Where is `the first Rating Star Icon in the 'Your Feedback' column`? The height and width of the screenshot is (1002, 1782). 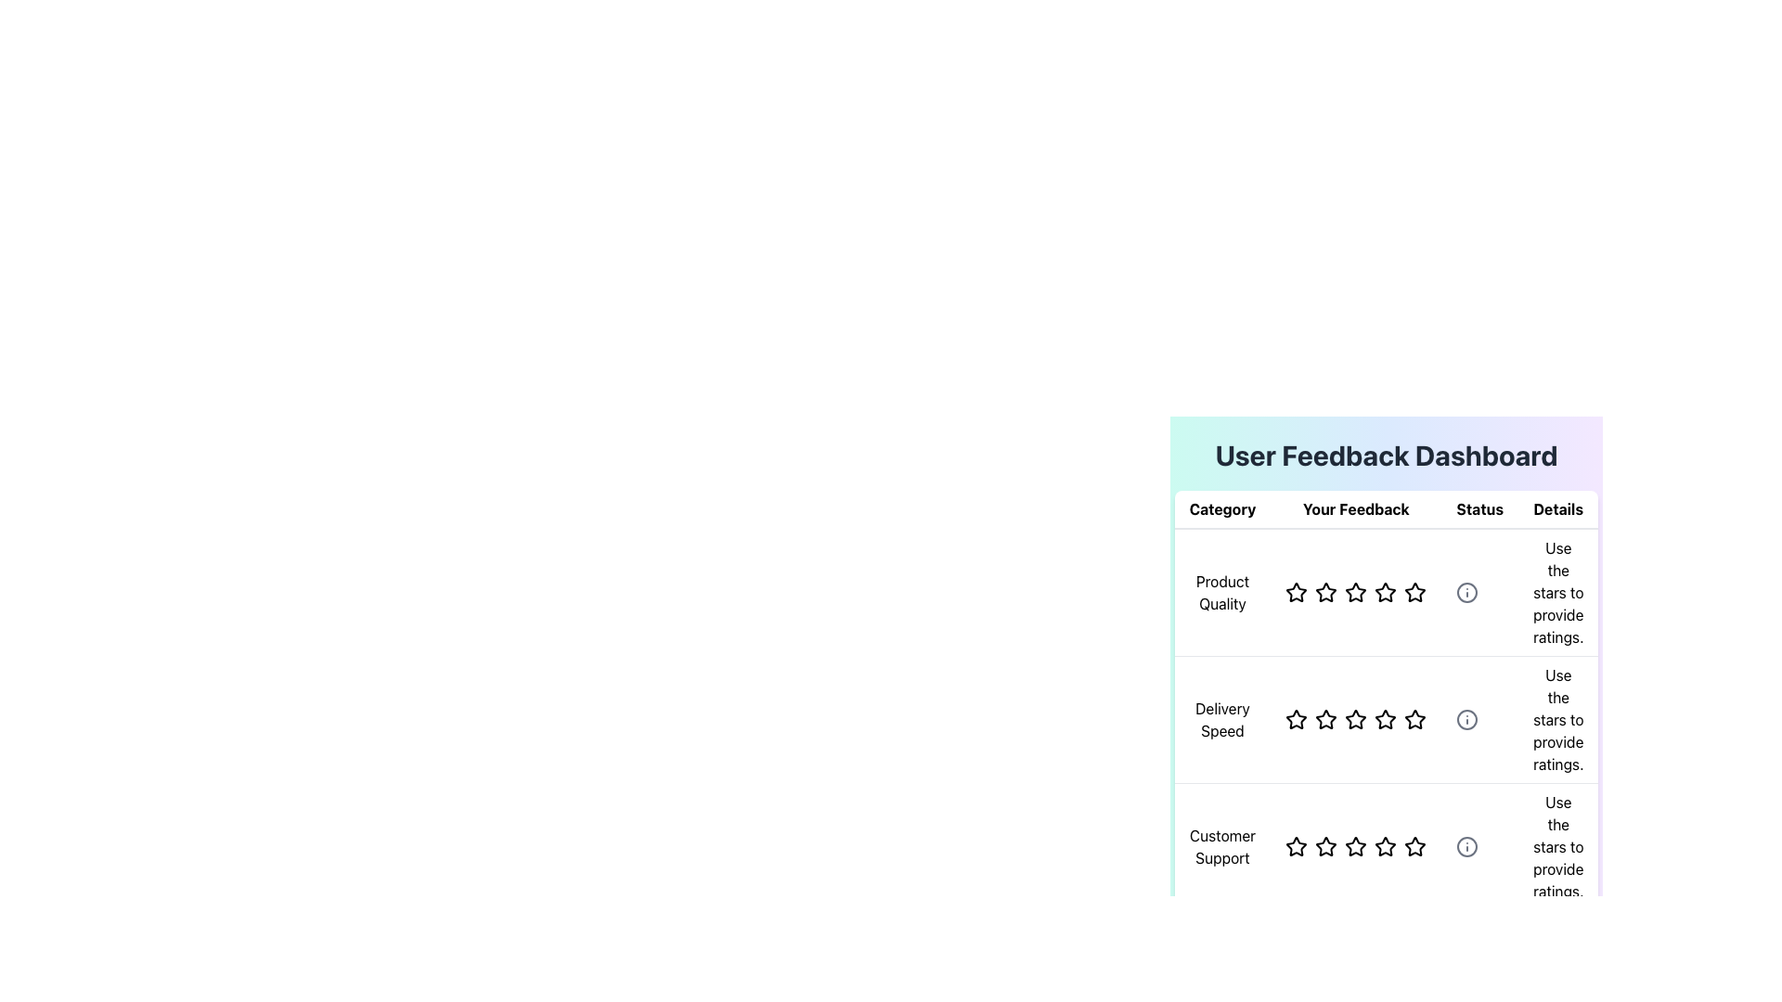
the first Rating Star Icon in the 'Your Feedback' column is located at coordinates (1296, 593).